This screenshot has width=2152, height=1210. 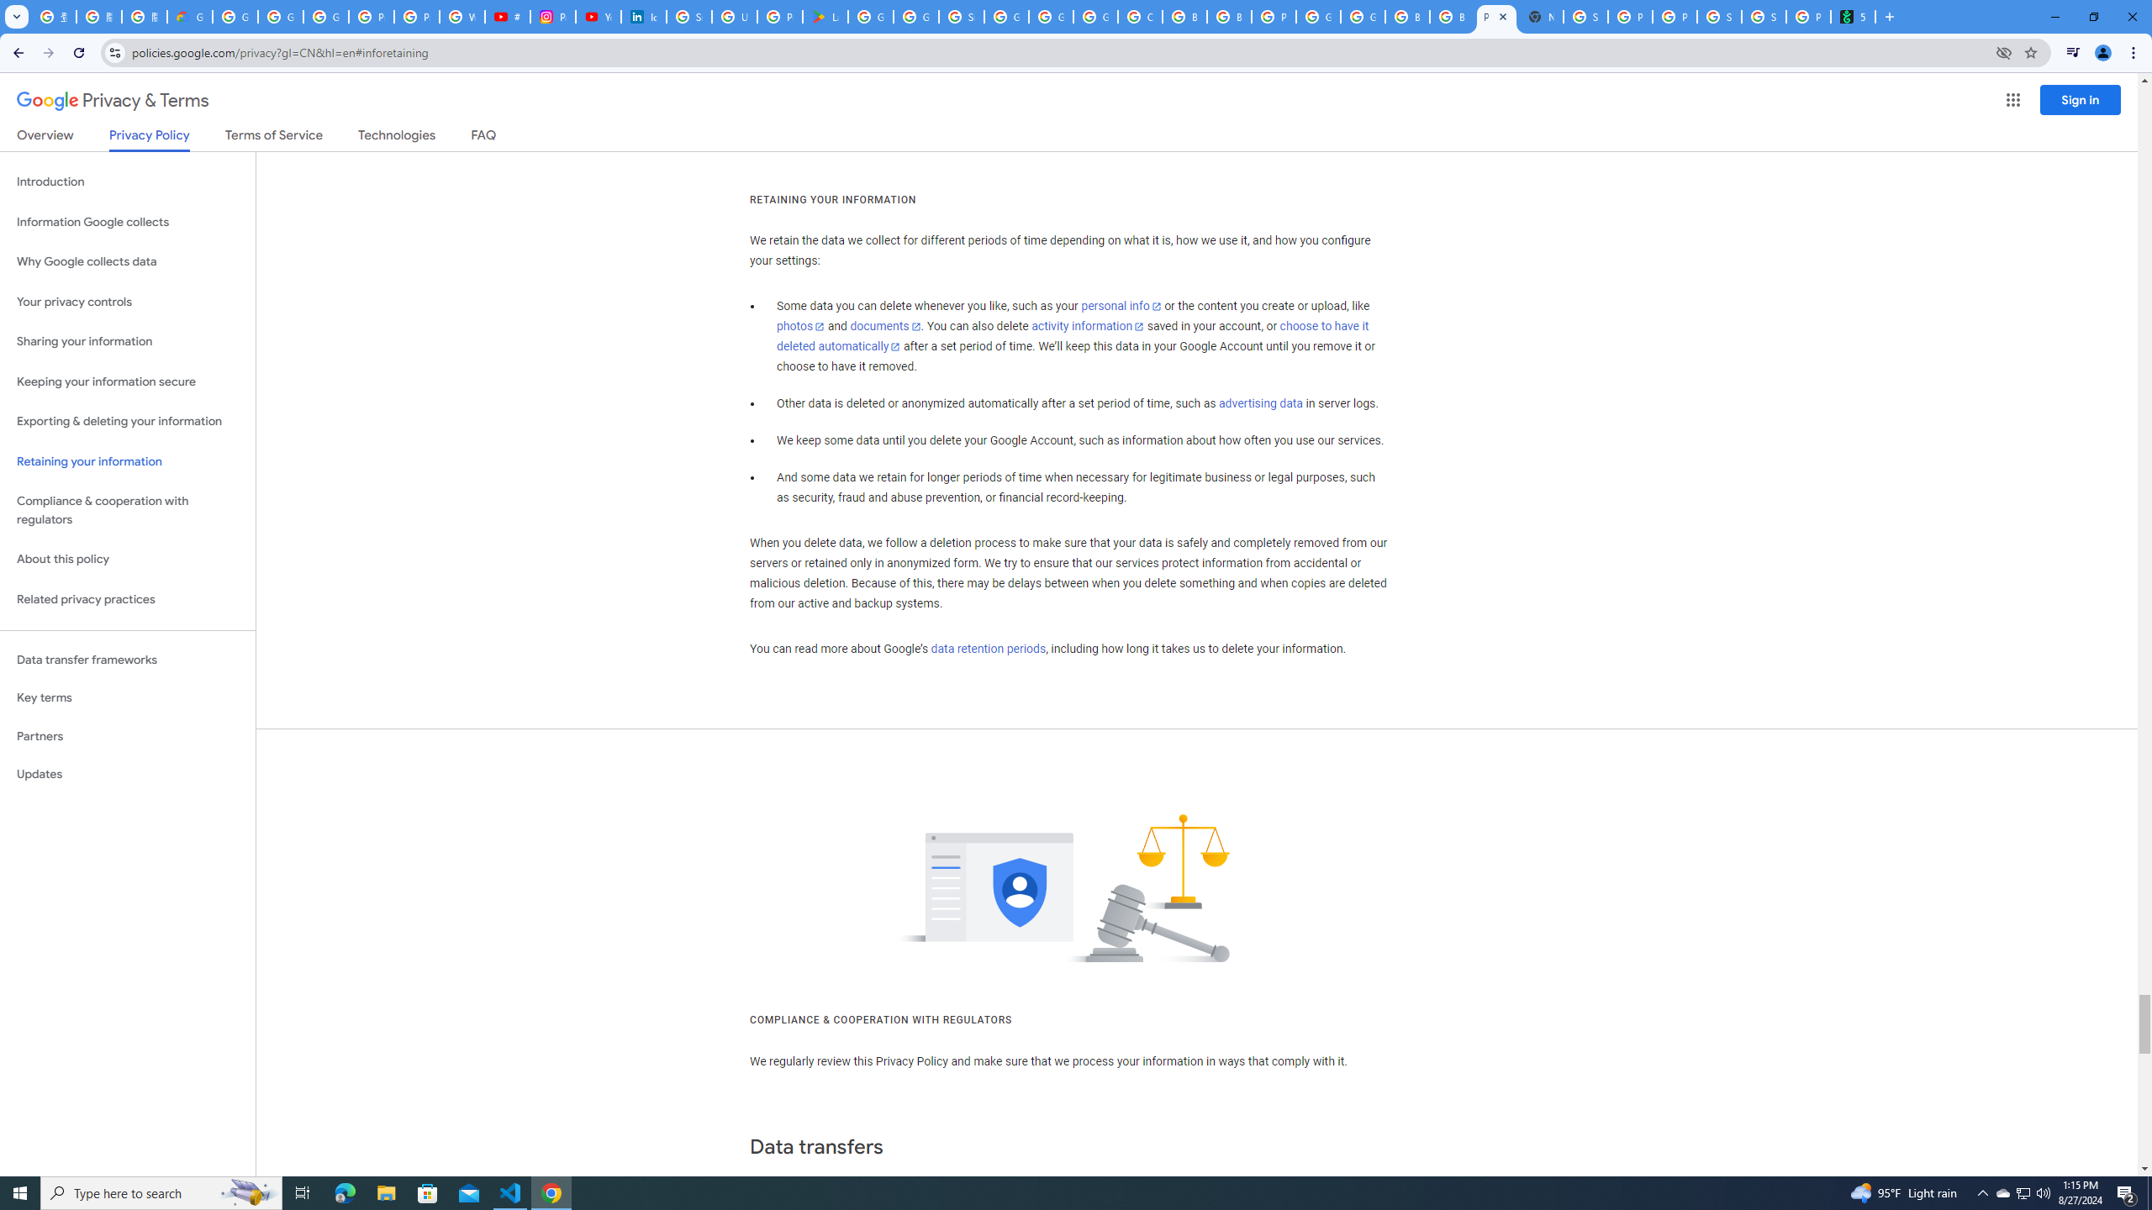 What do you see at coordinates (1363, 16) in the screenshot?
I see `'Google Cloud Platform'` at bounding box center [1363, 16].